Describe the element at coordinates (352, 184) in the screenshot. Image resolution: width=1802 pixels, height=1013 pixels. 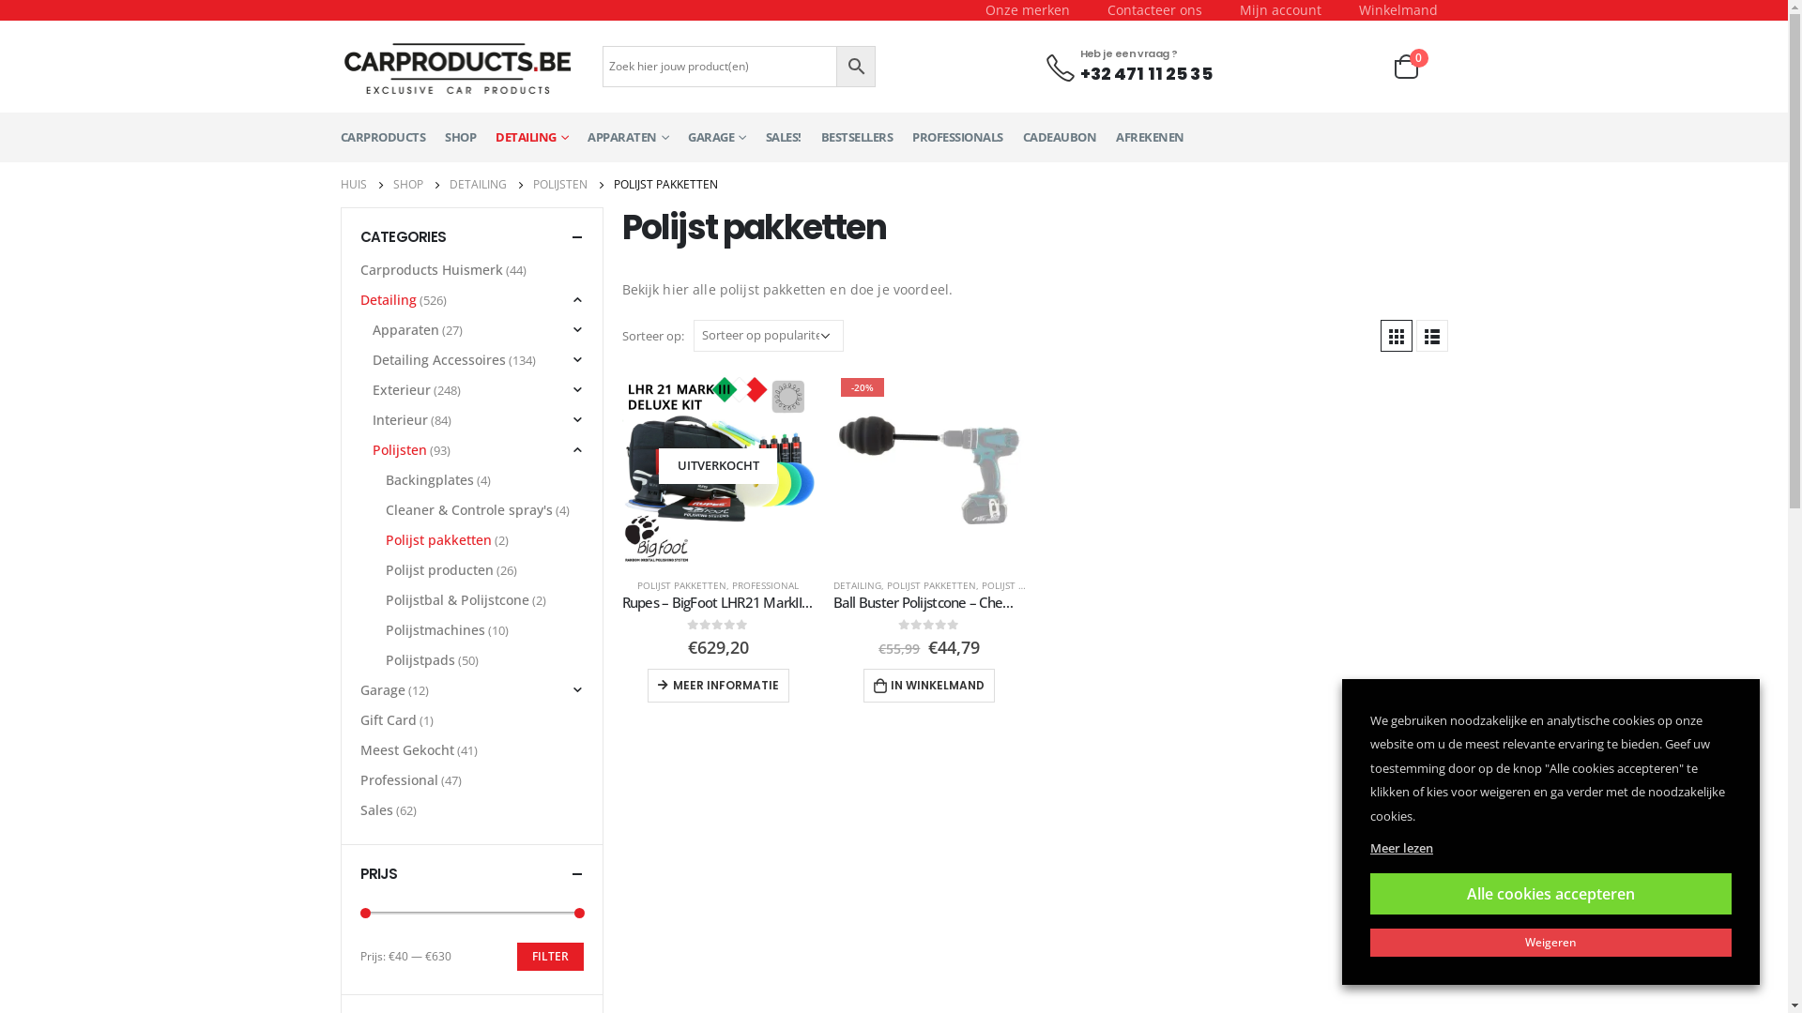
I see `'HUIS'` at that location.